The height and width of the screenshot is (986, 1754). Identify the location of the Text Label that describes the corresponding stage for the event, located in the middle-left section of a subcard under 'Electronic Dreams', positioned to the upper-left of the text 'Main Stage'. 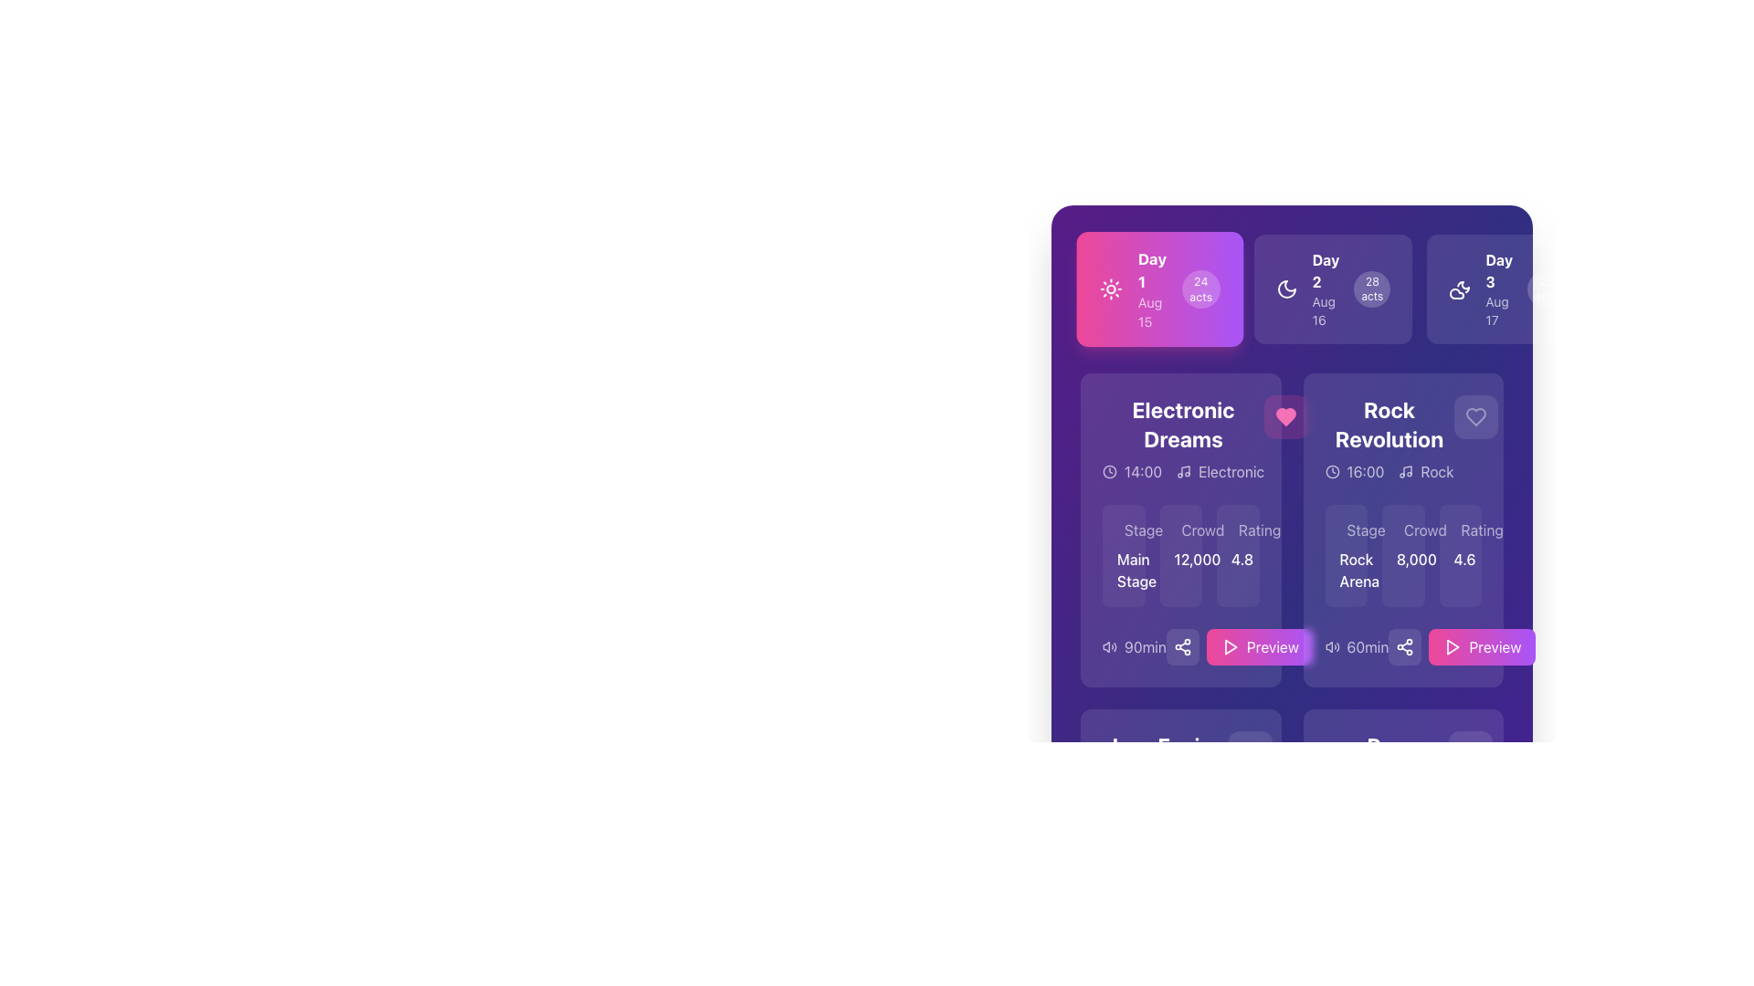
(1143, 530).